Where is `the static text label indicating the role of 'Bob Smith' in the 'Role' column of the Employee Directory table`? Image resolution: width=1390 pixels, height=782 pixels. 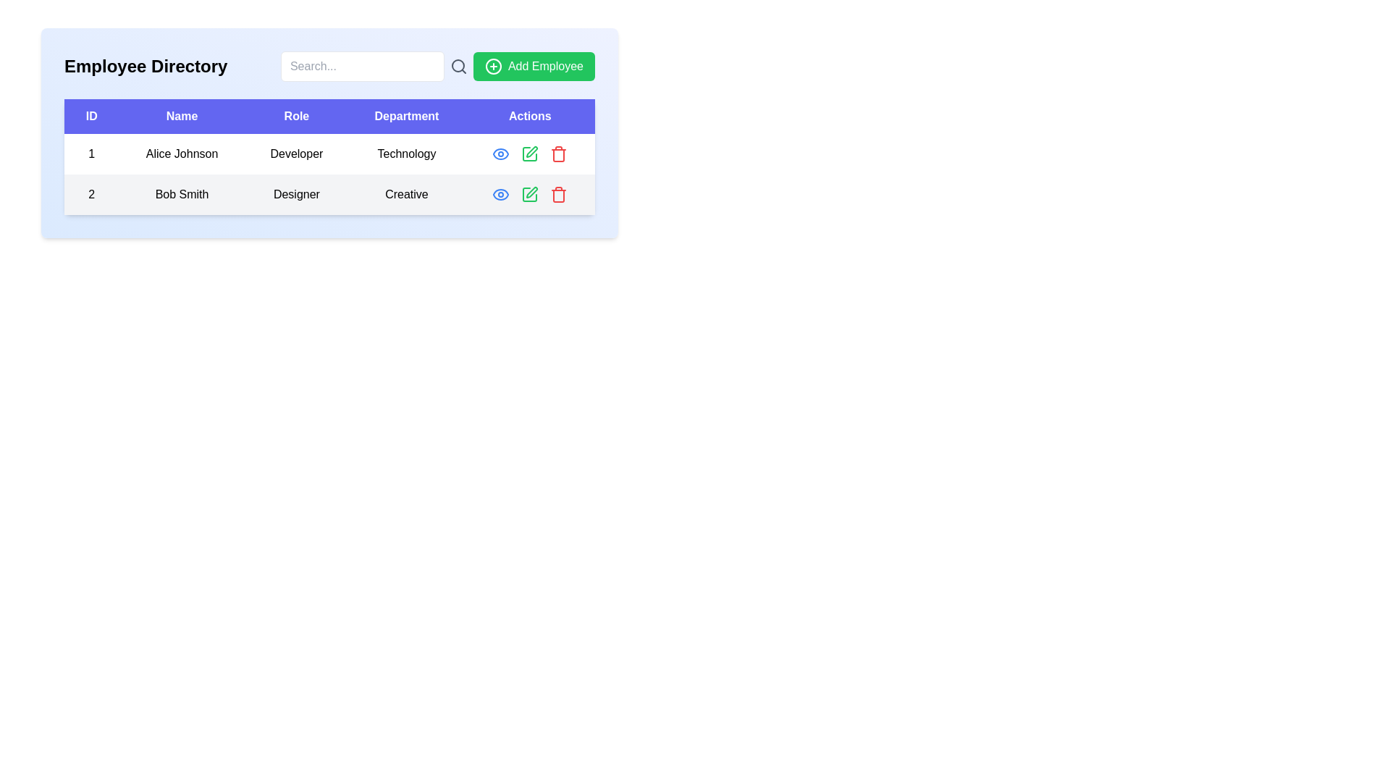 the static text label indicating the role of 'Bob Smith' in the 'Role' column of the Employee Directory table is located at coordinates (295, 194).